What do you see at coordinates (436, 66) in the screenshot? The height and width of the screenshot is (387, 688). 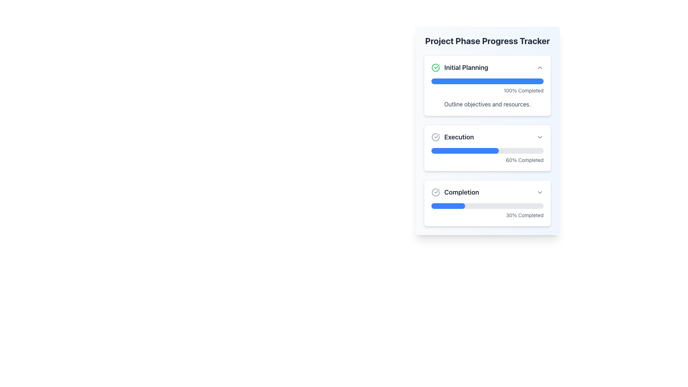 I see `properties of the green checkmark icon located within the 'Initial Planning' card of the 'Project Phase Progress Tracker' panel` at bounding box center [436, 66].